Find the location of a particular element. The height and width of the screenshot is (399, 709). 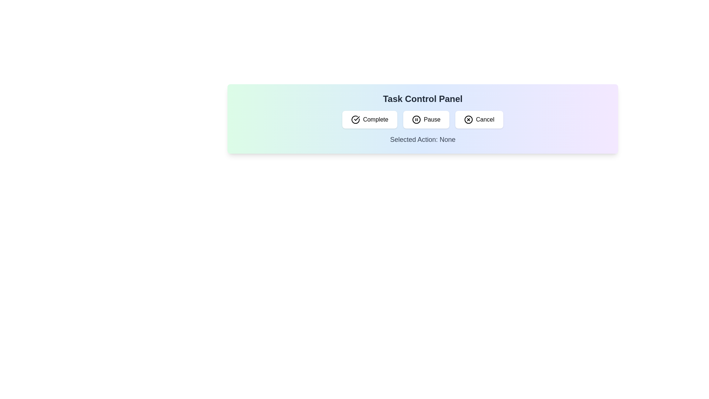

the 'Cancel' button with a white background, rounded corners, and a cross icon is located at coordinates (479, 119).